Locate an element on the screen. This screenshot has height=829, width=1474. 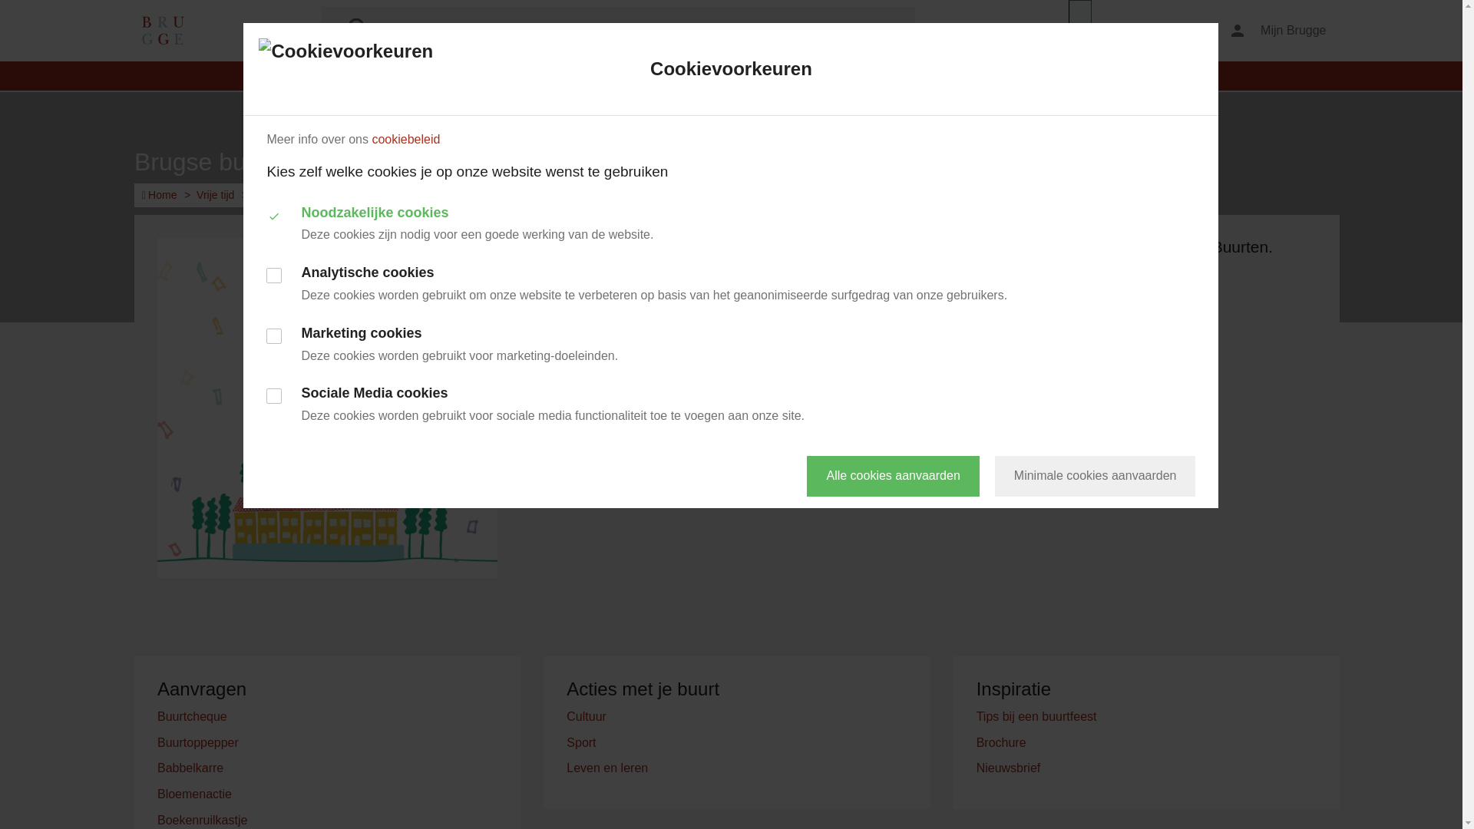
'Buurtcheque' is located at coordinates (157, 716).